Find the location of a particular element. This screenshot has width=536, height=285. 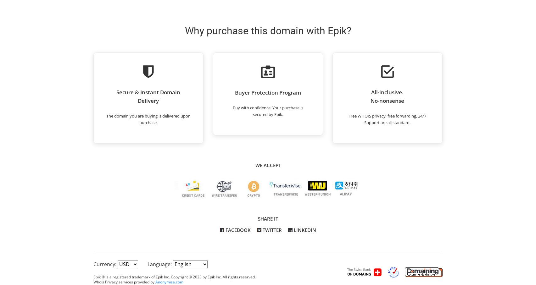

'No-nonsense' is located at coordinates (370, 100).